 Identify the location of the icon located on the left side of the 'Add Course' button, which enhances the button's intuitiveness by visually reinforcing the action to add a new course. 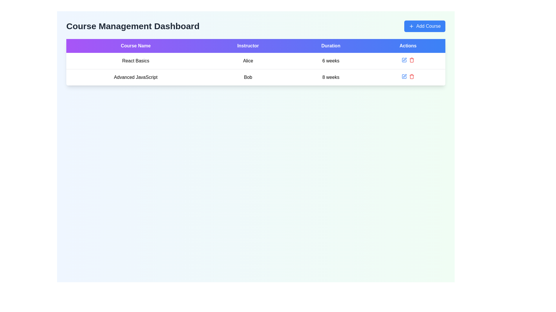
(411, 26).